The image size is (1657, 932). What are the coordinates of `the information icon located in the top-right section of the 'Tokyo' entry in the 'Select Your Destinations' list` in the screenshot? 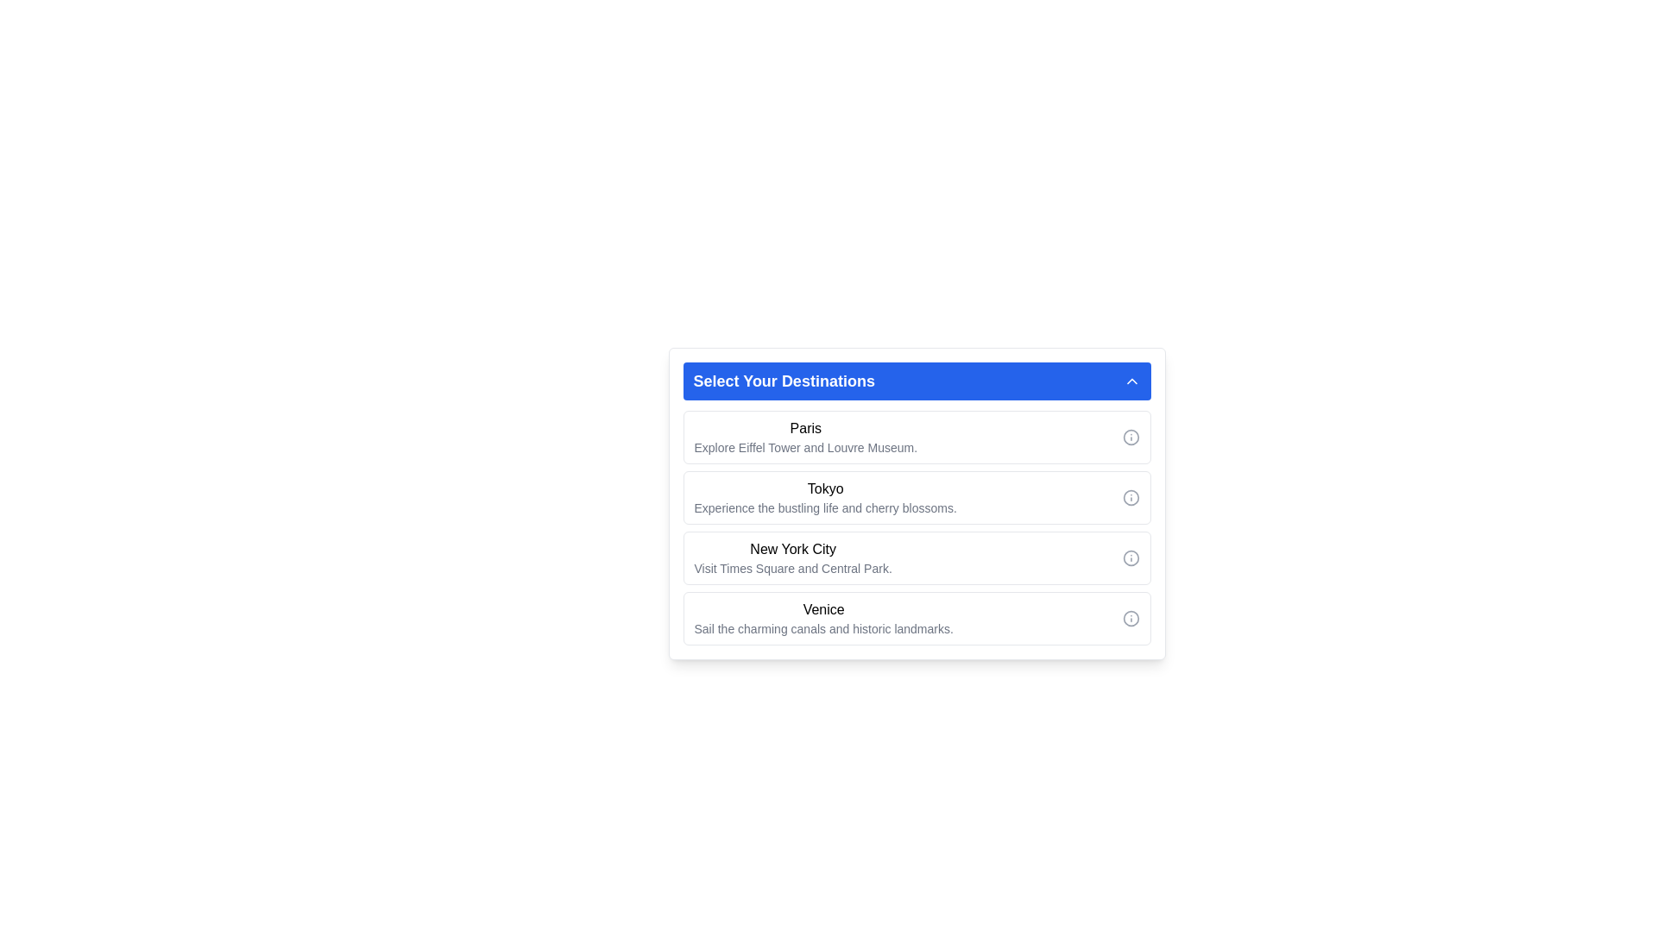 It's located at (1131, 498).